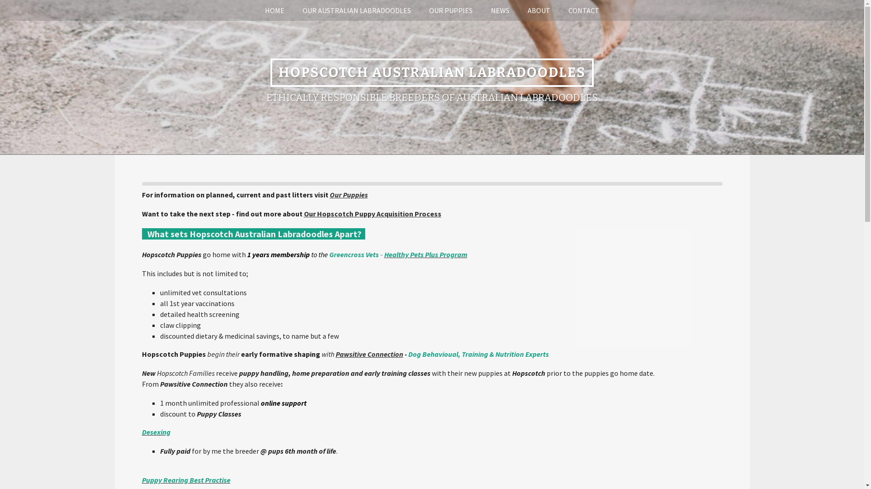  Describe the element at coordinates (141, 431) in the screenshot. I see `'Desexing'` at that location.